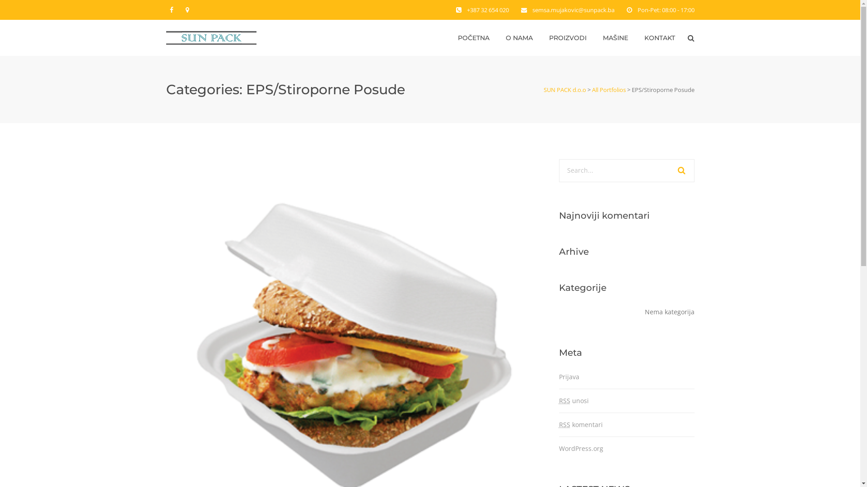 This screenshot has width=867, height=487. What do you see at coordinates (567, 37) in the screenshot?
I see `'PROIZVODI'` at bounding box center [567, 37].